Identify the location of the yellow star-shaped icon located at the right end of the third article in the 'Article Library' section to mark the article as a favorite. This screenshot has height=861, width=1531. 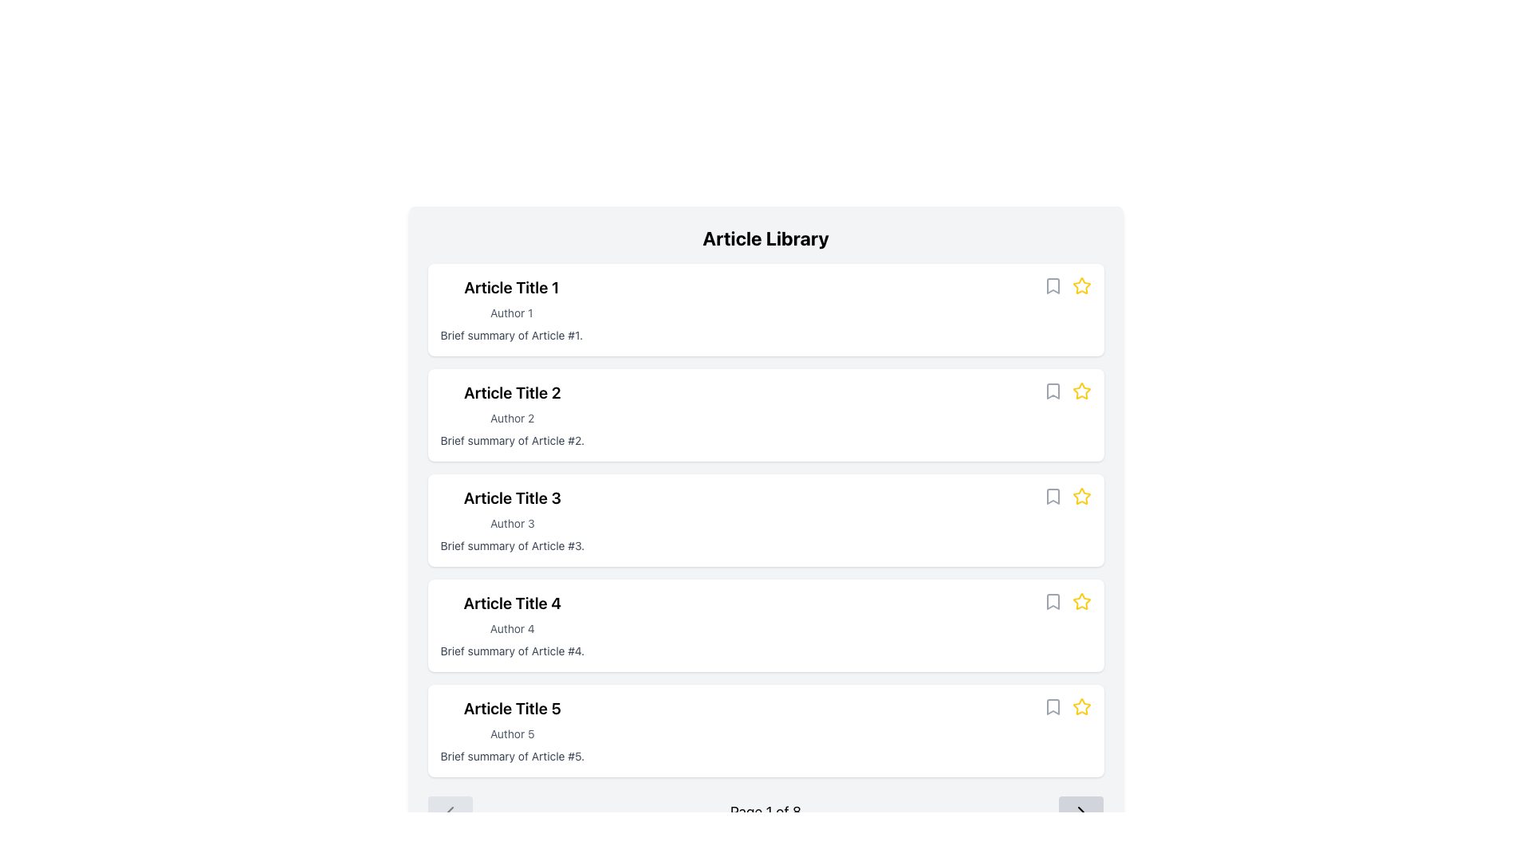
(1081, 391).